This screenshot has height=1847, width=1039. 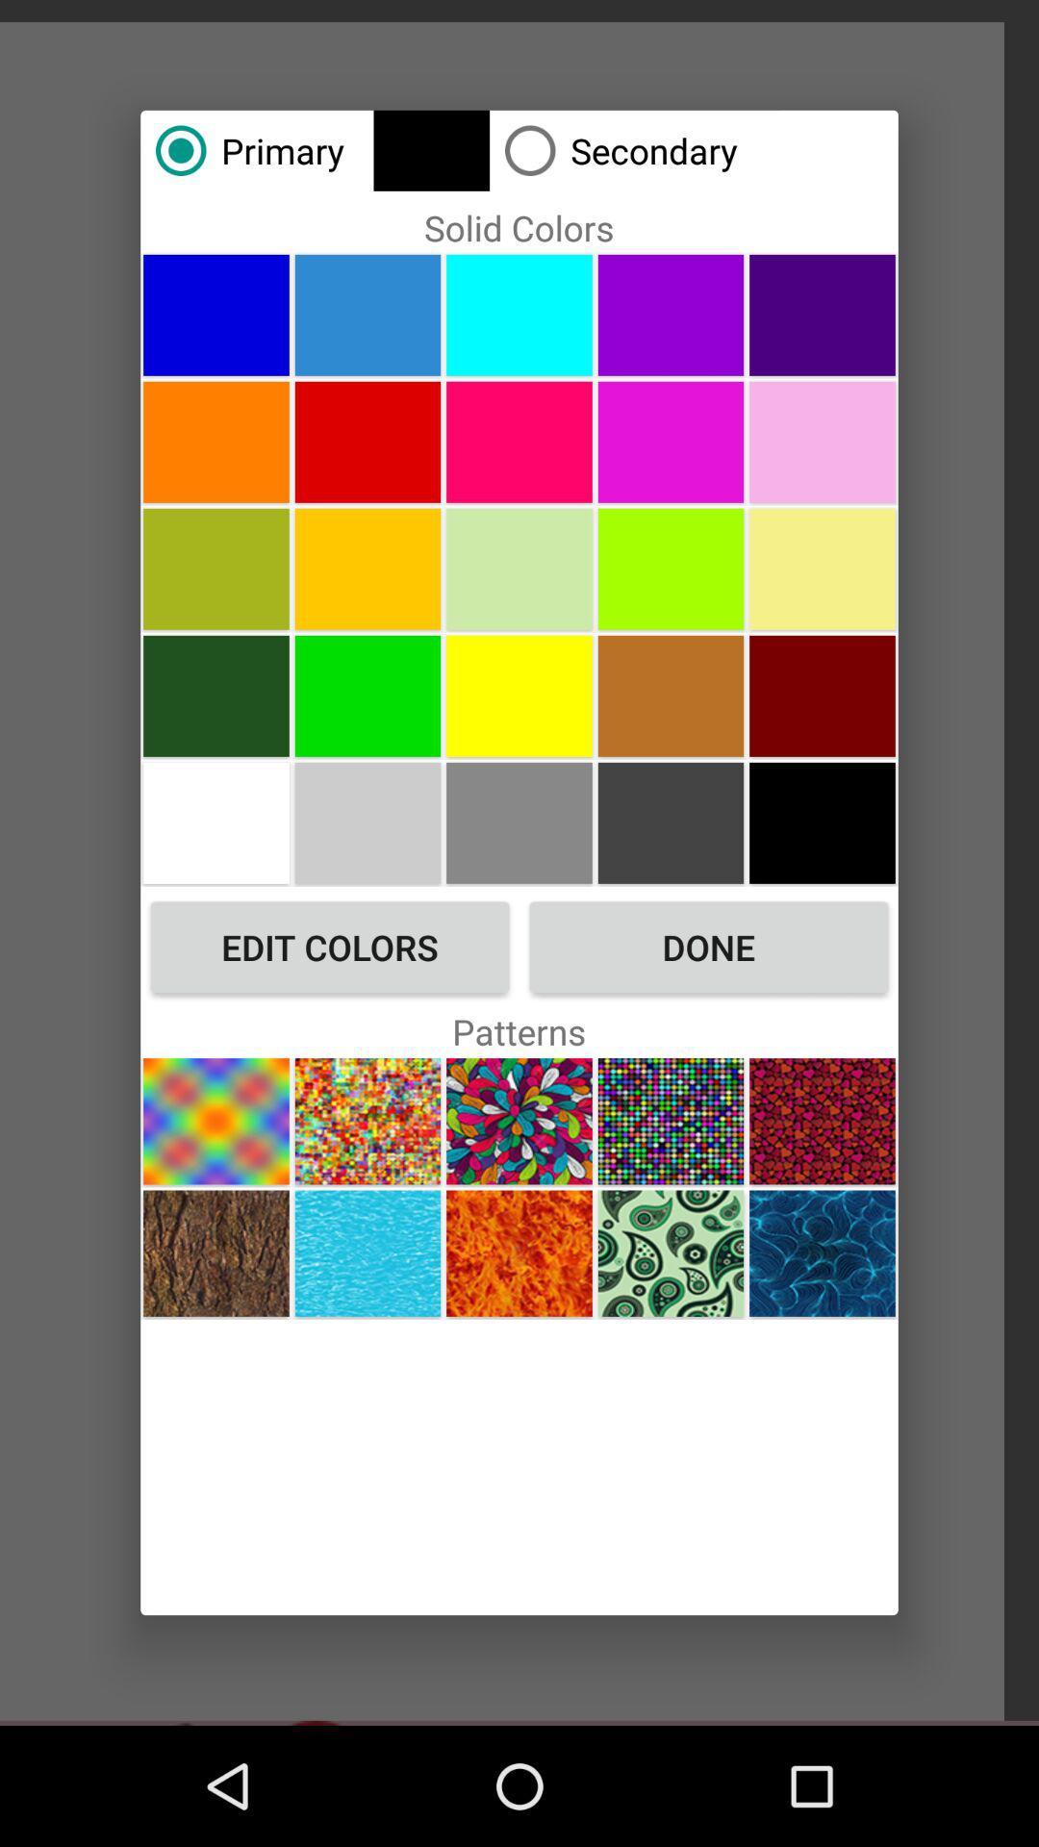 I want to click on choose color, so click(x=367, y=822).